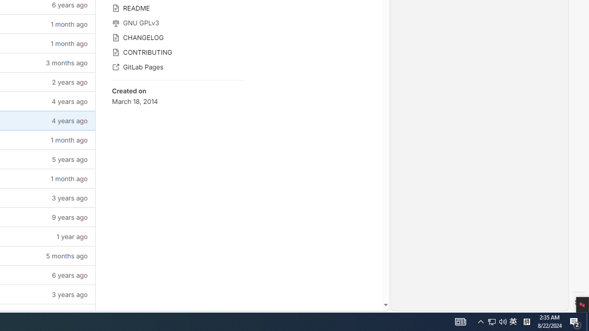 The height and width of the screenshot is (331, 589). Describe the element at coordinates (115, 67) in the screenshot. I see `'Class: s16 icon gl-mr-3 gl-text-gray-500'` at that location.